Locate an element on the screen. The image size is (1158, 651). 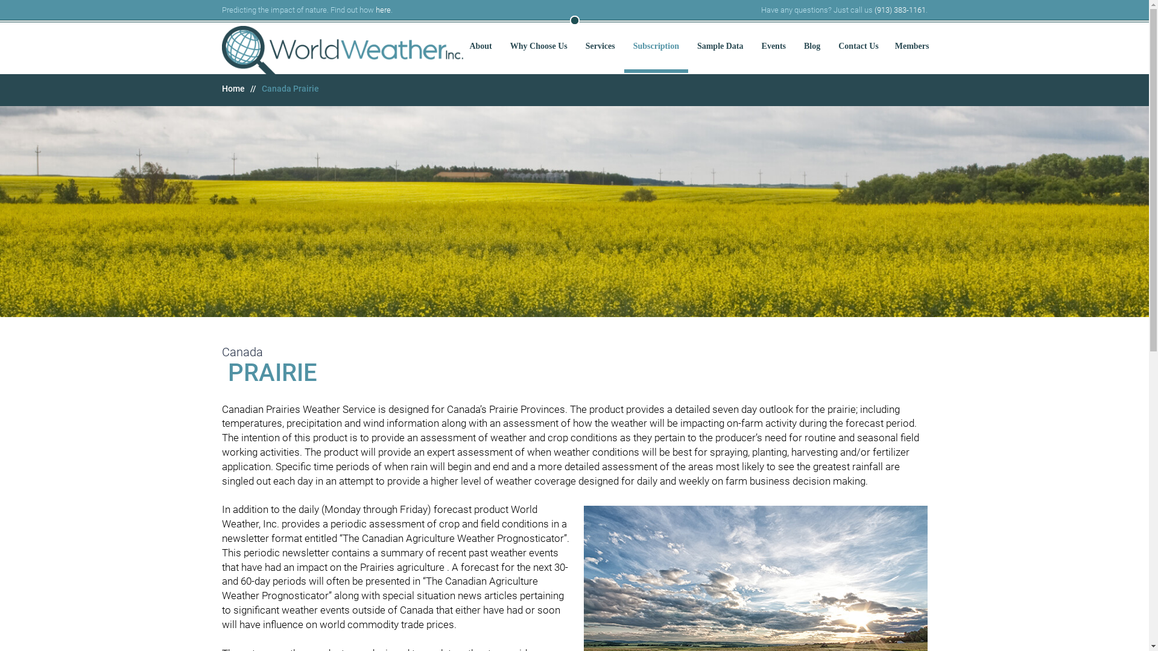
'Home' is located at coordinates (233, 87).